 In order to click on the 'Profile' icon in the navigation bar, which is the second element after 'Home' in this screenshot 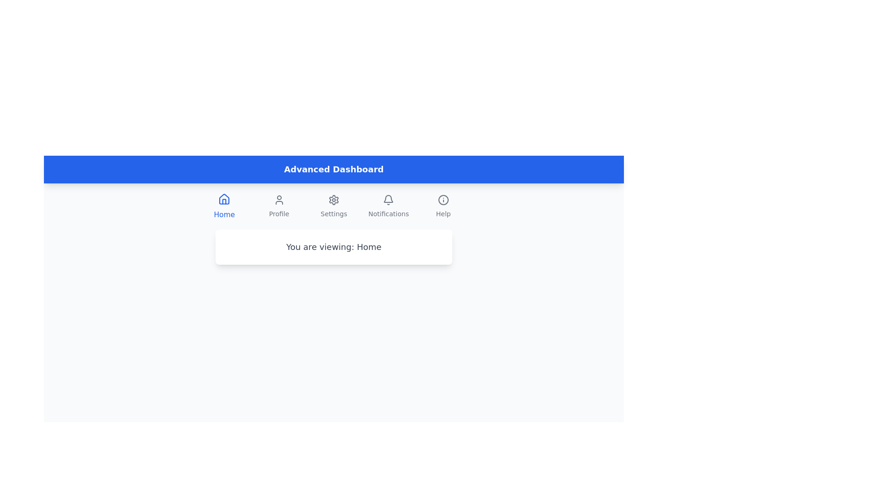, I will do `click(278, 199)`.